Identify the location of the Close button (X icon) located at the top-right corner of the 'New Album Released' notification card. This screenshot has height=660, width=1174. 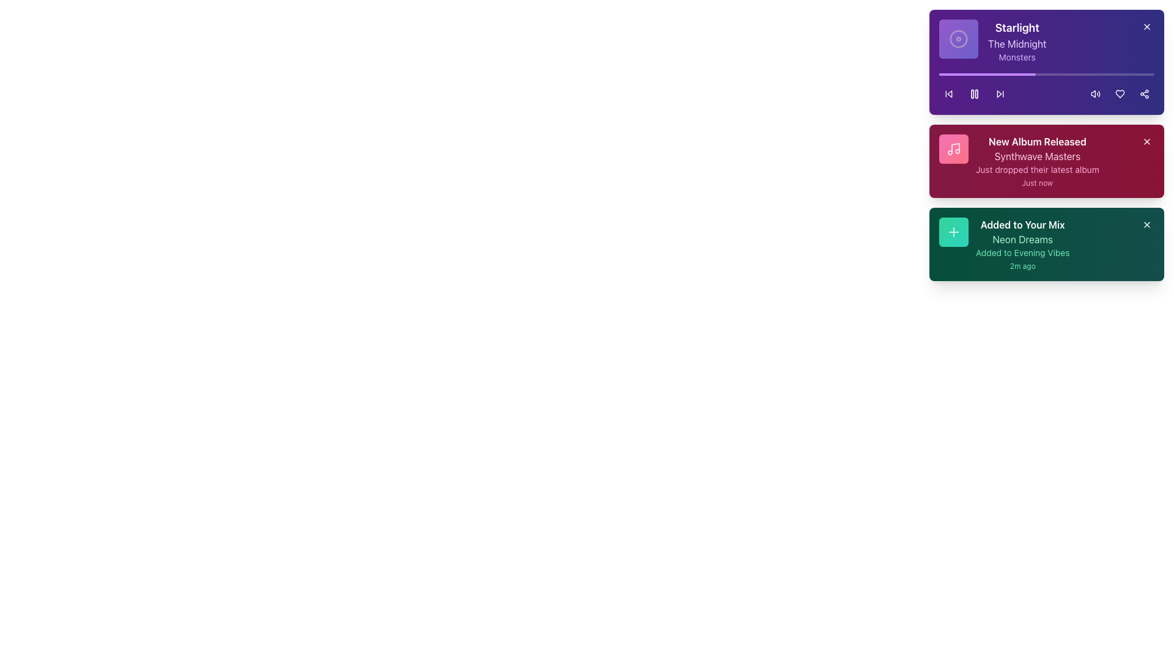
(1146, 141).